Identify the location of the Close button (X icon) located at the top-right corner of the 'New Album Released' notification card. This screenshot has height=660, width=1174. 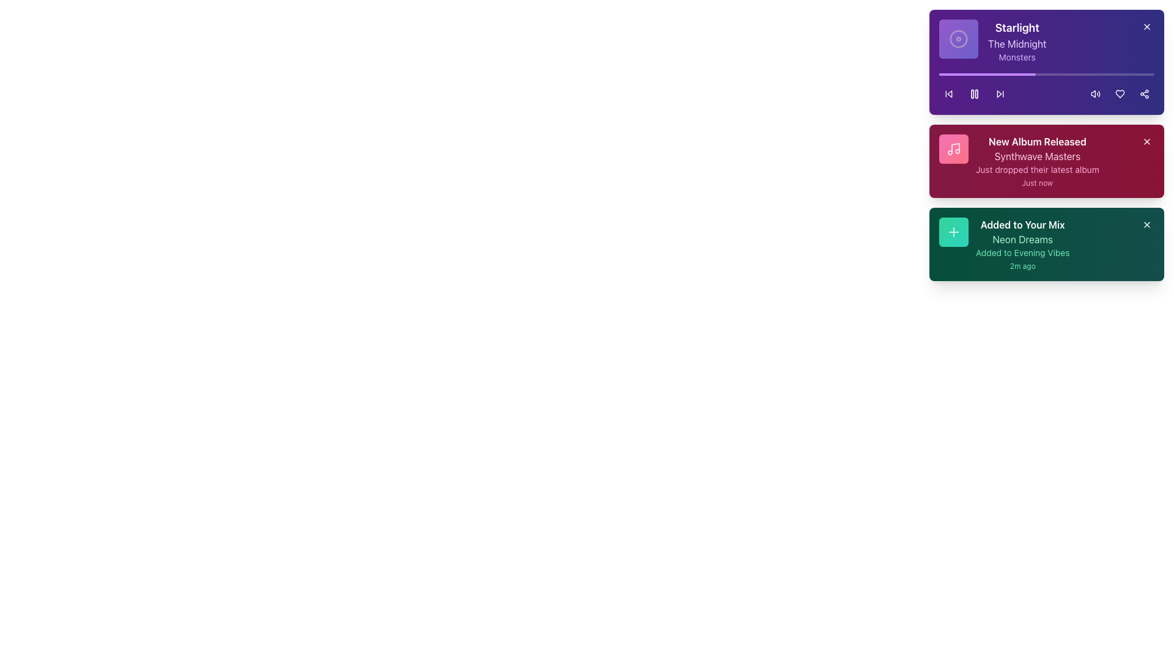
(1146, 141).